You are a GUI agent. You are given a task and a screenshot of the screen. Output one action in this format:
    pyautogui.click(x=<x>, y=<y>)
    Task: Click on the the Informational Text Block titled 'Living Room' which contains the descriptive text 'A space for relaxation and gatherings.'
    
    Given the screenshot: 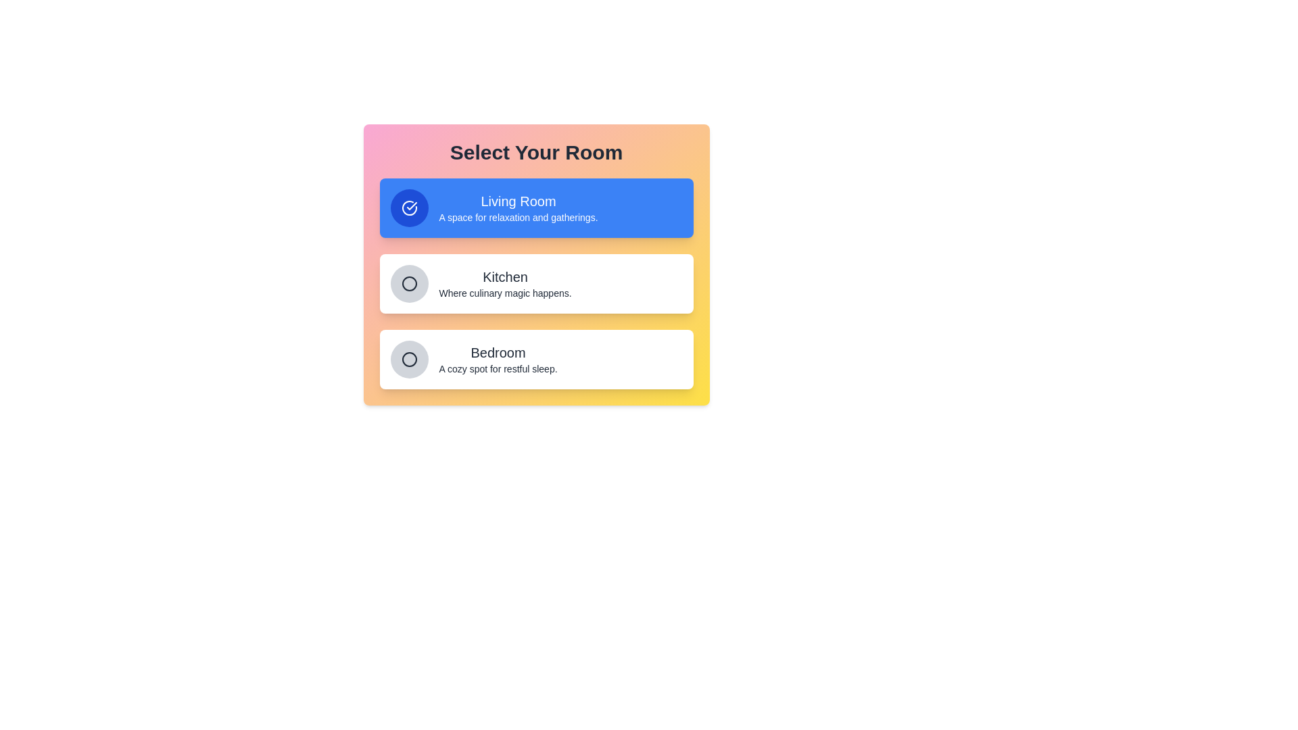 What is the action you would take?
    pyautogui.click(x=518, y=208)
    